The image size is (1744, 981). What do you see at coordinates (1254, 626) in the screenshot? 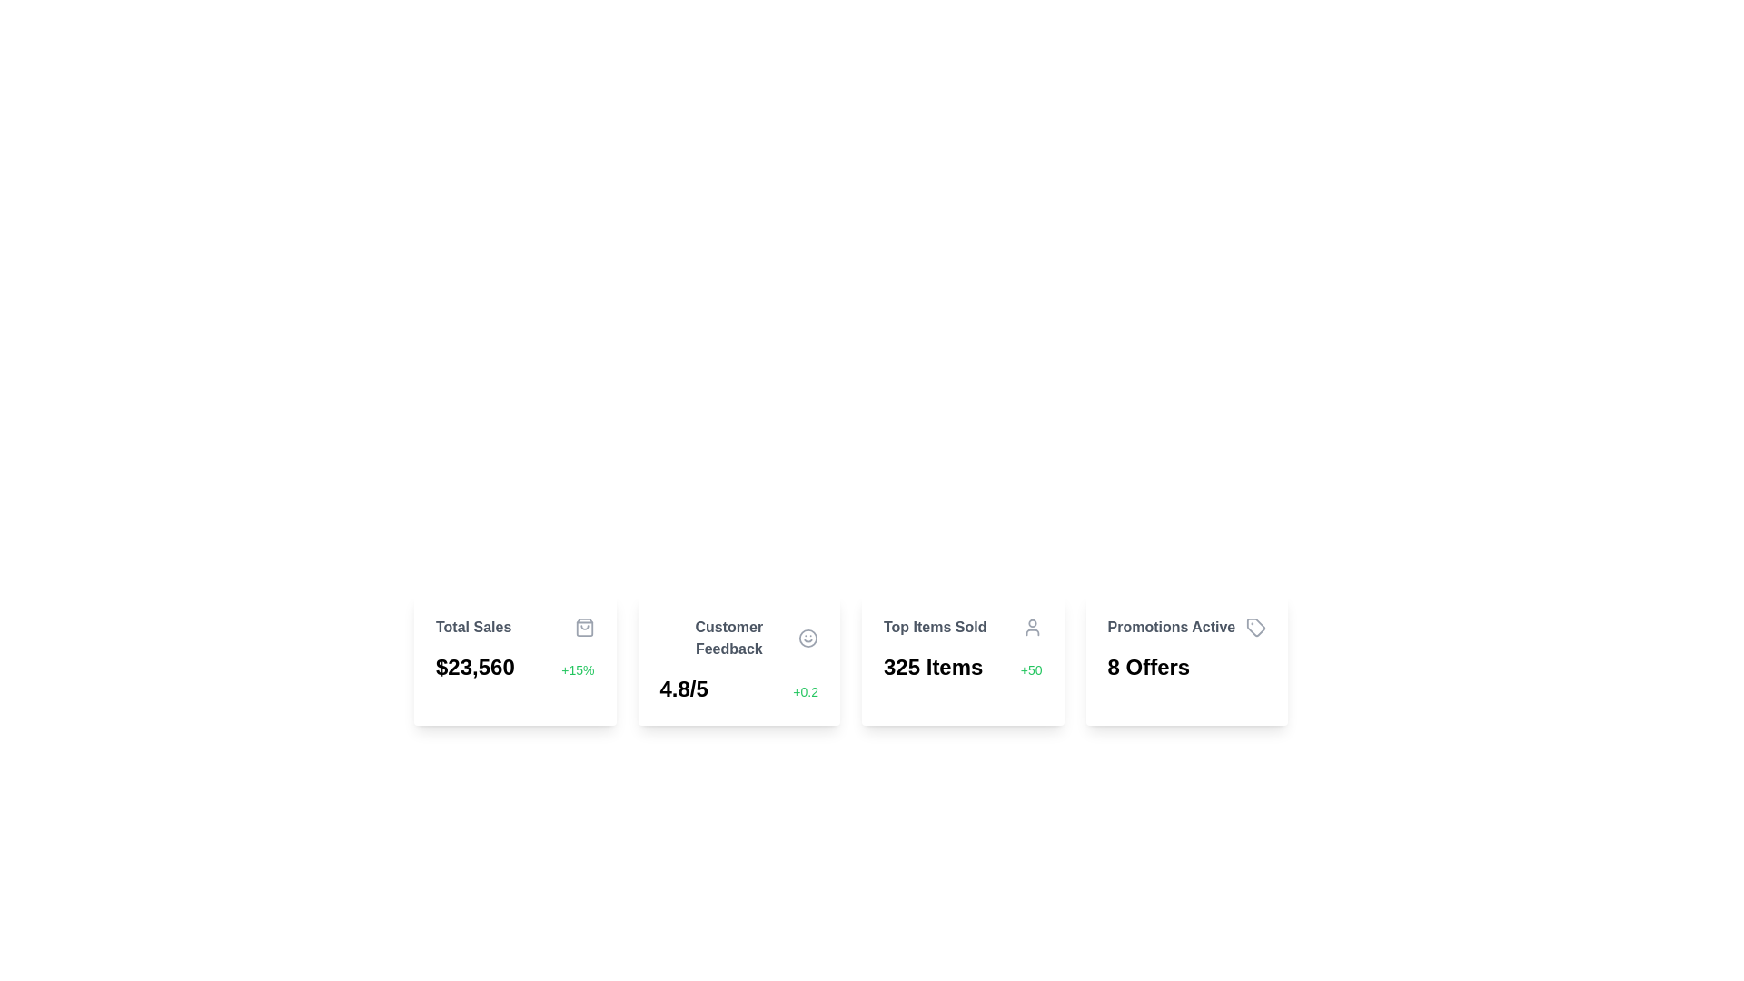
I see `the decorative icon located at the right edge of the rightmost informational card next to the text 'Promotions Active'` at bounding box center [1254, 626].